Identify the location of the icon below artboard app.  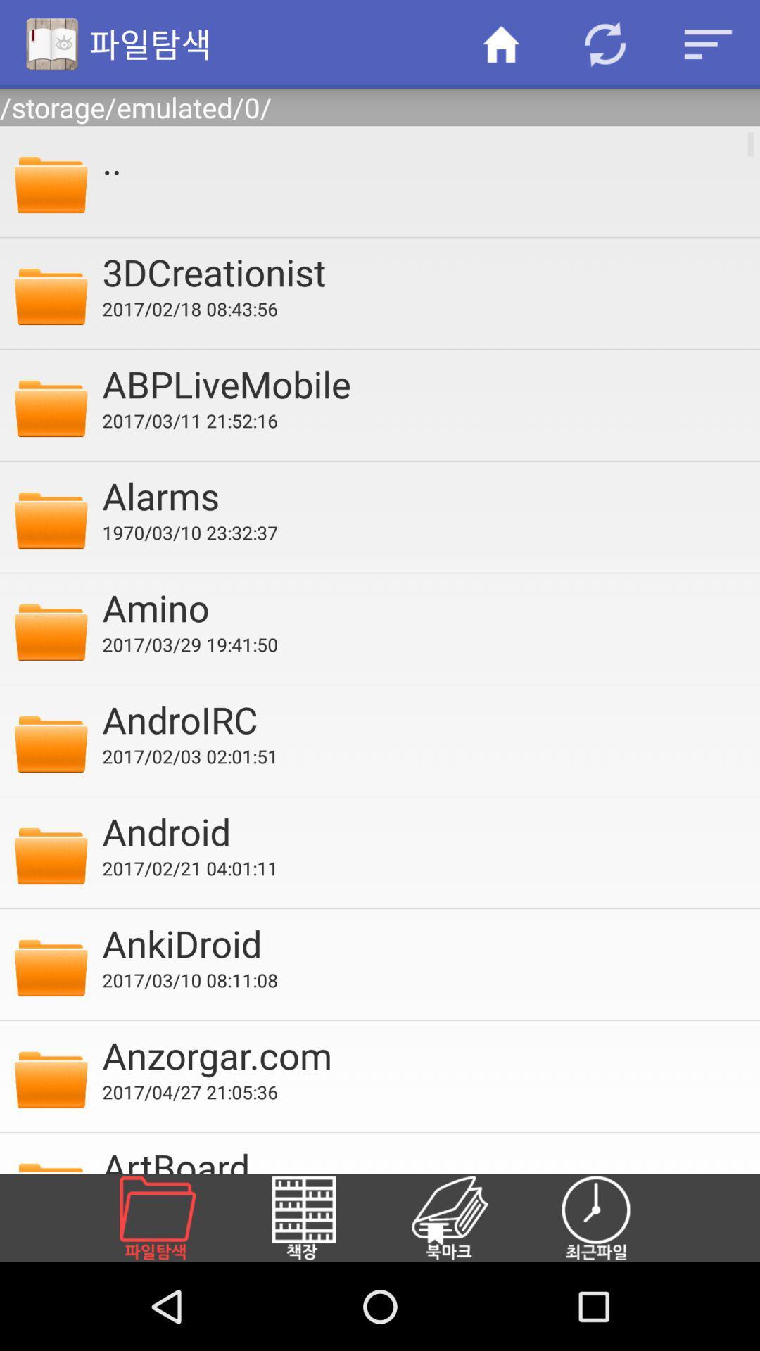
(467, 1217).